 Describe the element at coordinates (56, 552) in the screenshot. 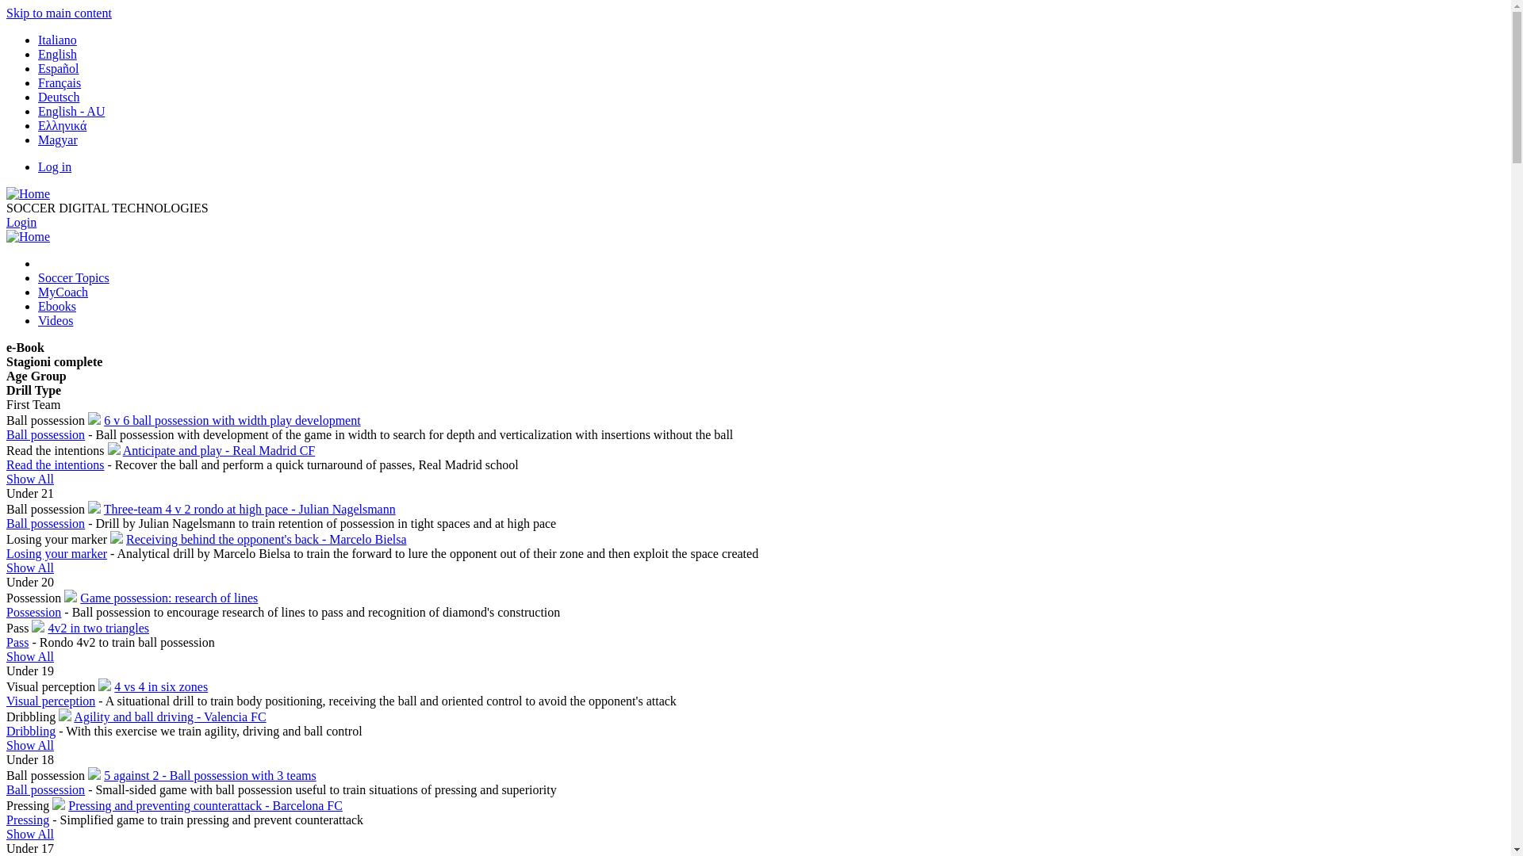

I see `'Losing your marker'` at that location.